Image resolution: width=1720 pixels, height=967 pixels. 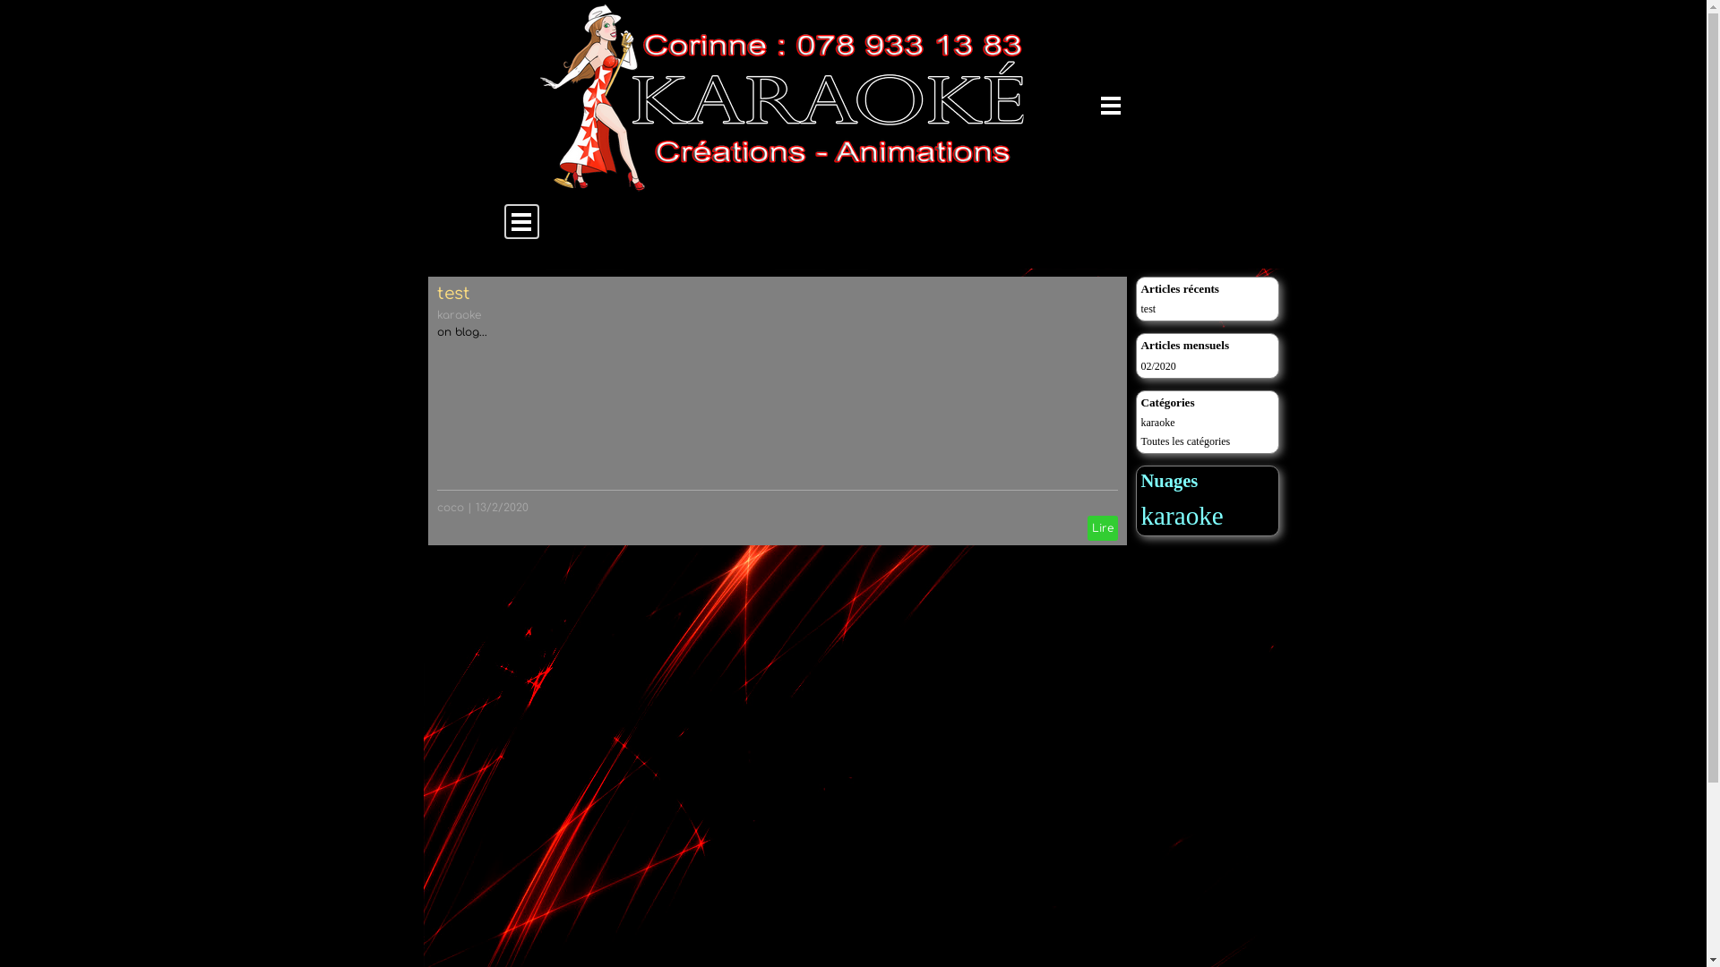 What do you see at coordinates (437, 292) in the screenshot?
I see `'test'` at bounding box center [437, 292].